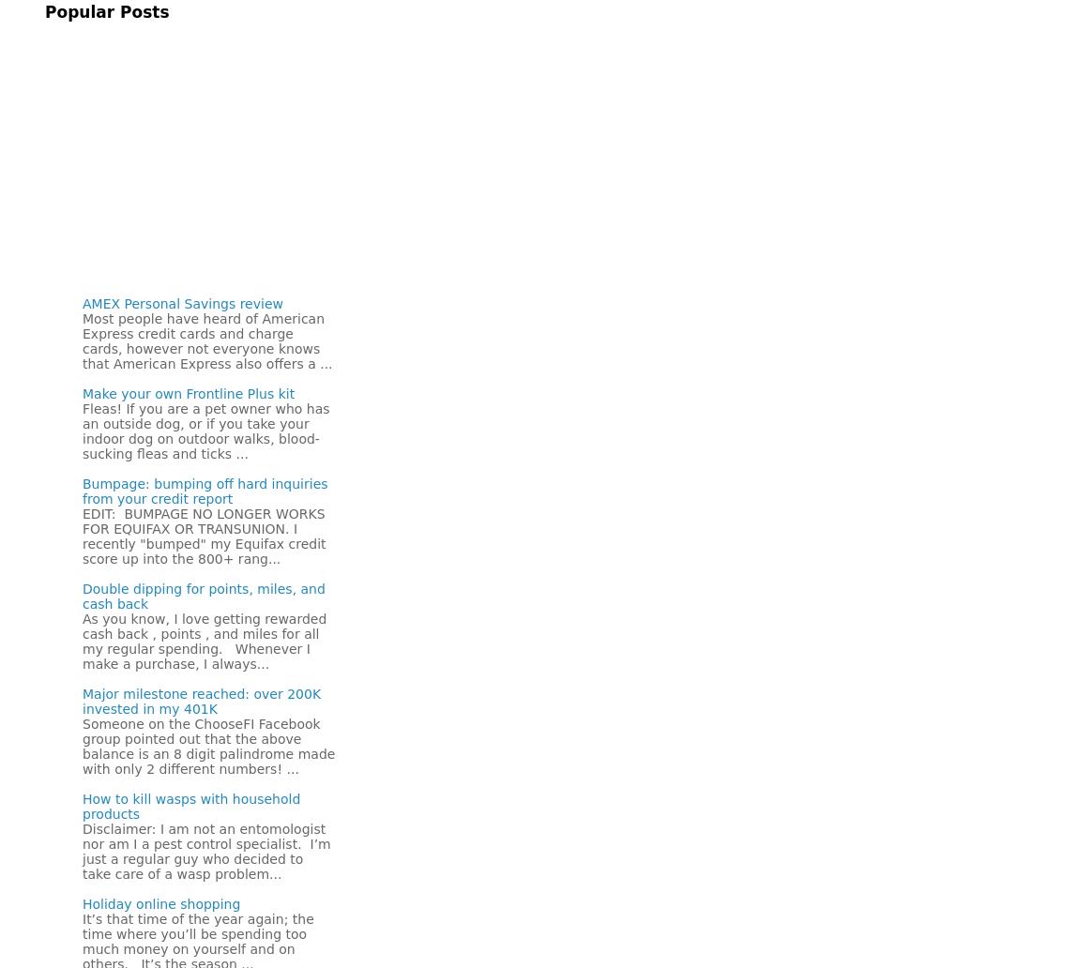 This screenshot has width=1077, height=968. I want to click on 'As you know, I love getting rewarded cash back , points , and miles  for all my regular spending.   Whenever I make a purchase, I always...', so click(205, 641).